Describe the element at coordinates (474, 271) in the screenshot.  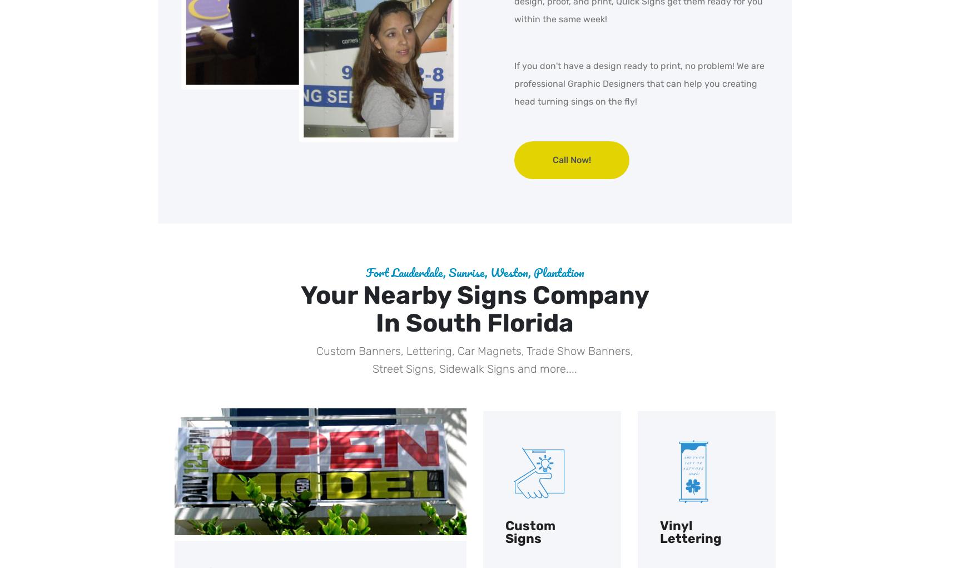
I see `'Fort Lauderdale, Sunrise, Weston, Plantation'` at that location.